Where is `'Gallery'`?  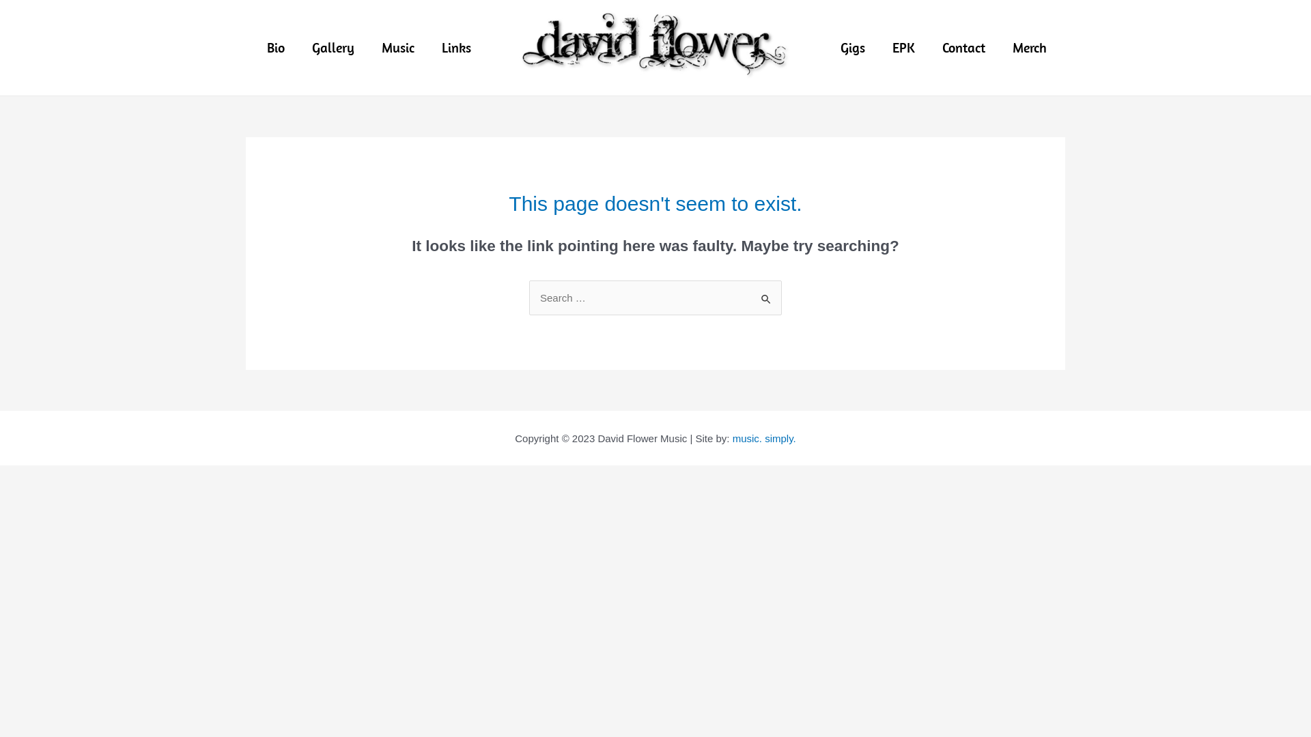 'Gallery' is located at coordinates (332, 46).